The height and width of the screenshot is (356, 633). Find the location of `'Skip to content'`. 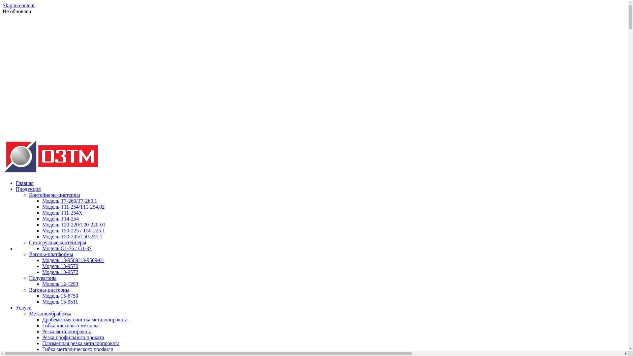

'Skip to content' is located at coordinates (18, 5).